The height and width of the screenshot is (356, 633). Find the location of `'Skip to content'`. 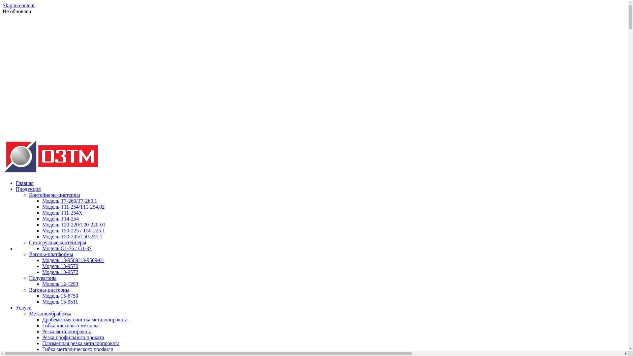

'Skip to content' is located at coordinates (18, 5).